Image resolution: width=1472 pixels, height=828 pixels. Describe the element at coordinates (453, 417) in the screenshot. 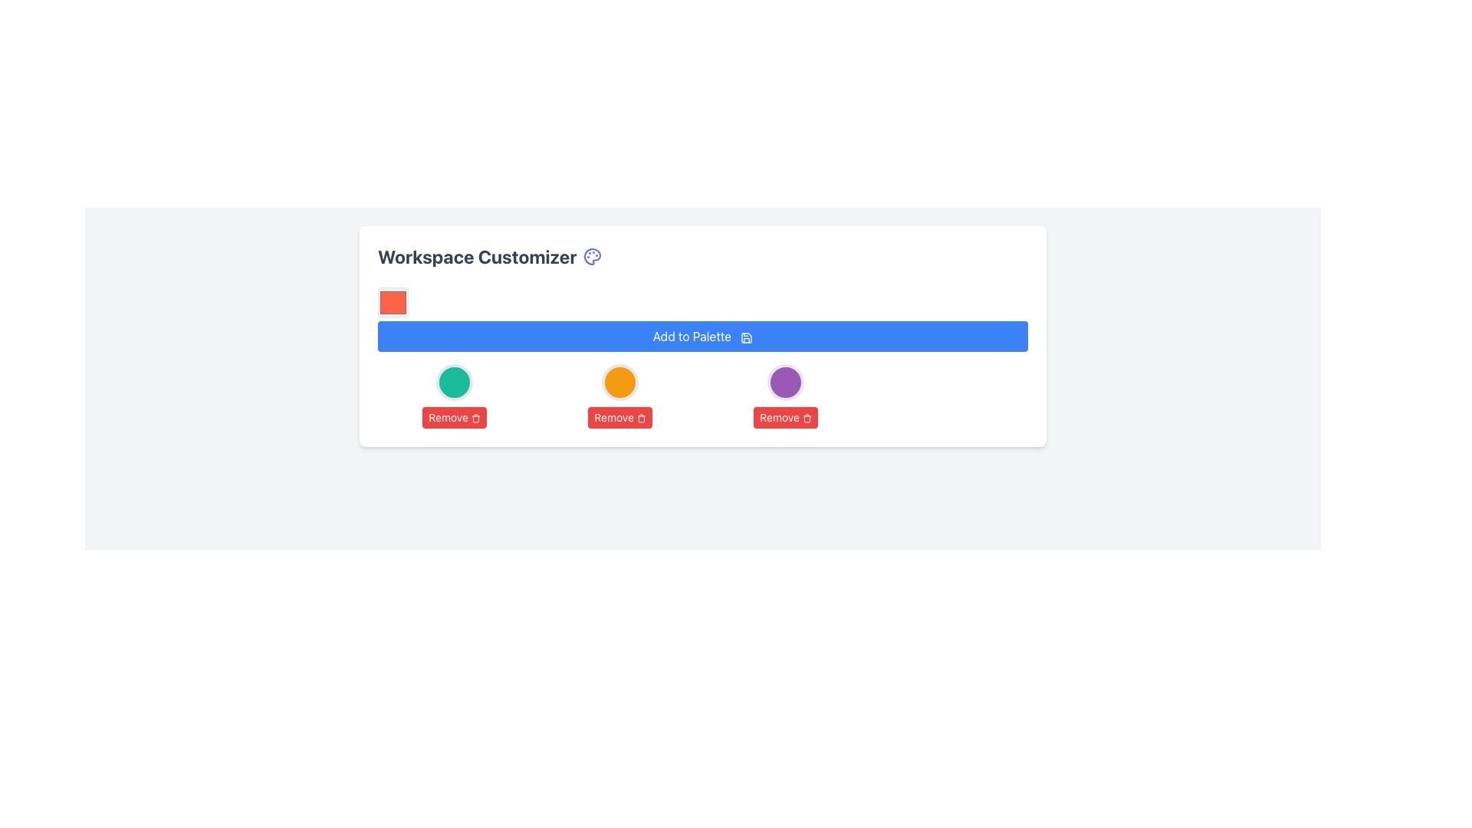

I see `the first 'Remove' button located directly below the teal-colored circle` at that location.